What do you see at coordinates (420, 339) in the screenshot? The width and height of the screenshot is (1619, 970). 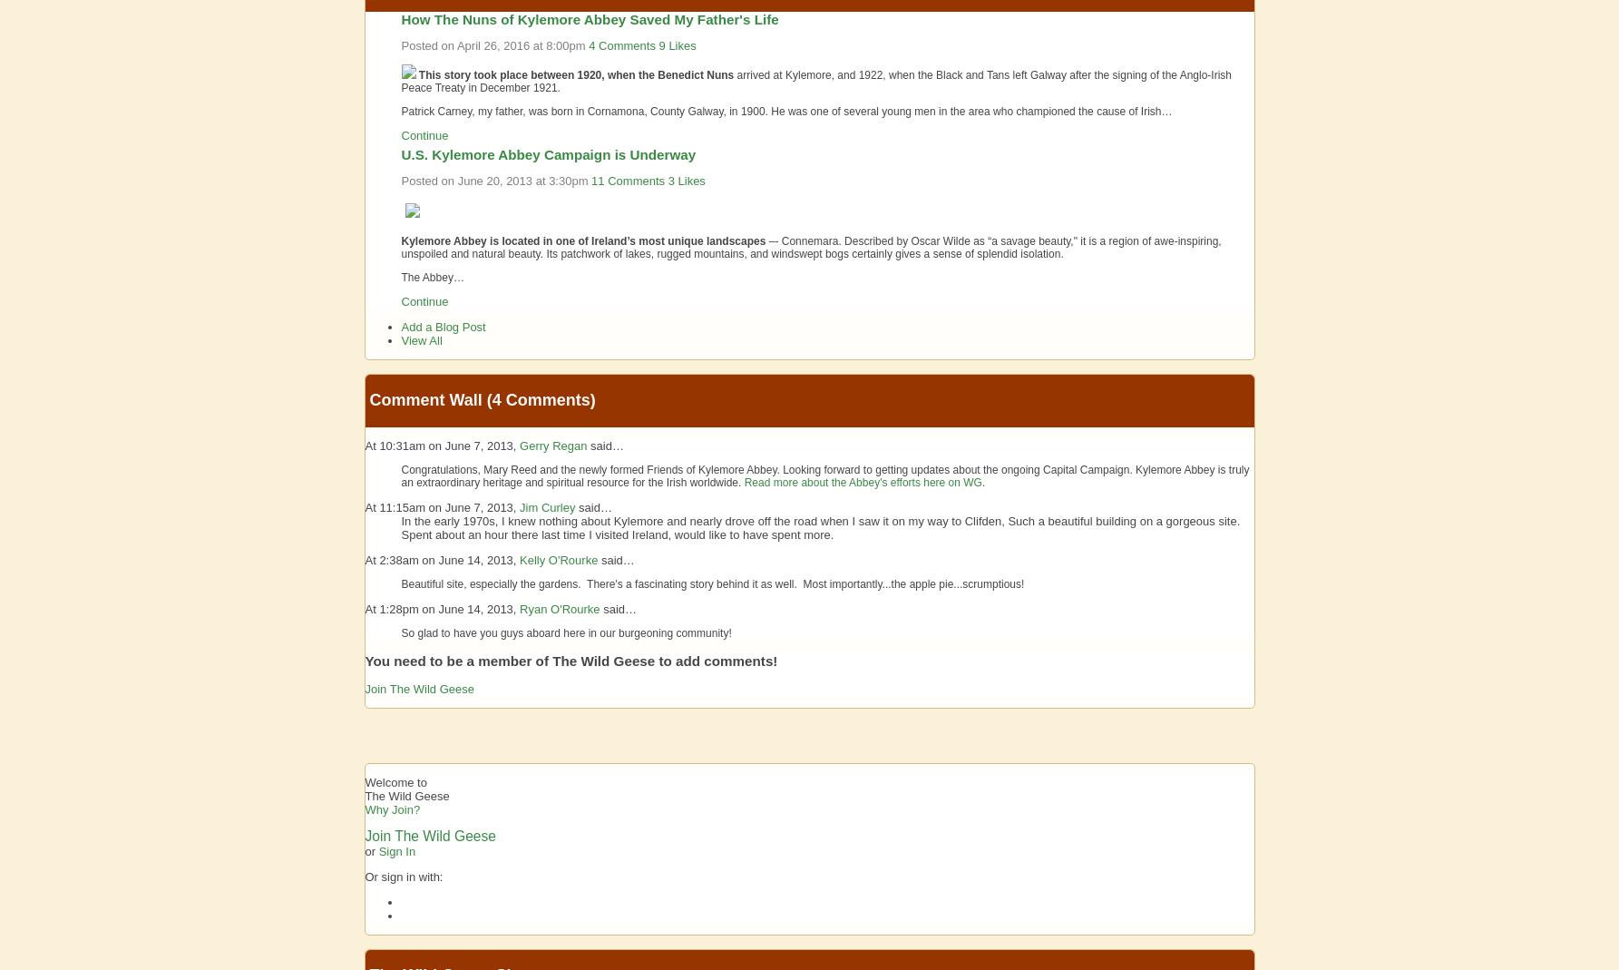 I see `'View All'` at bounding box center [420, 339].